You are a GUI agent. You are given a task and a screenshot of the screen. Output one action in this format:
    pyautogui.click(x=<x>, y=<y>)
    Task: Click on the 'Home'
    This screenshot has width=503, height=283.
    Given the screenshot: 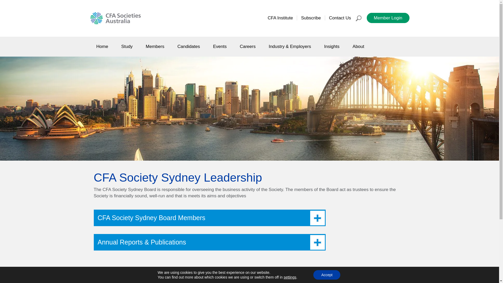 What is the action you would take?
    pyautogui.click(x=90, y=46)
    